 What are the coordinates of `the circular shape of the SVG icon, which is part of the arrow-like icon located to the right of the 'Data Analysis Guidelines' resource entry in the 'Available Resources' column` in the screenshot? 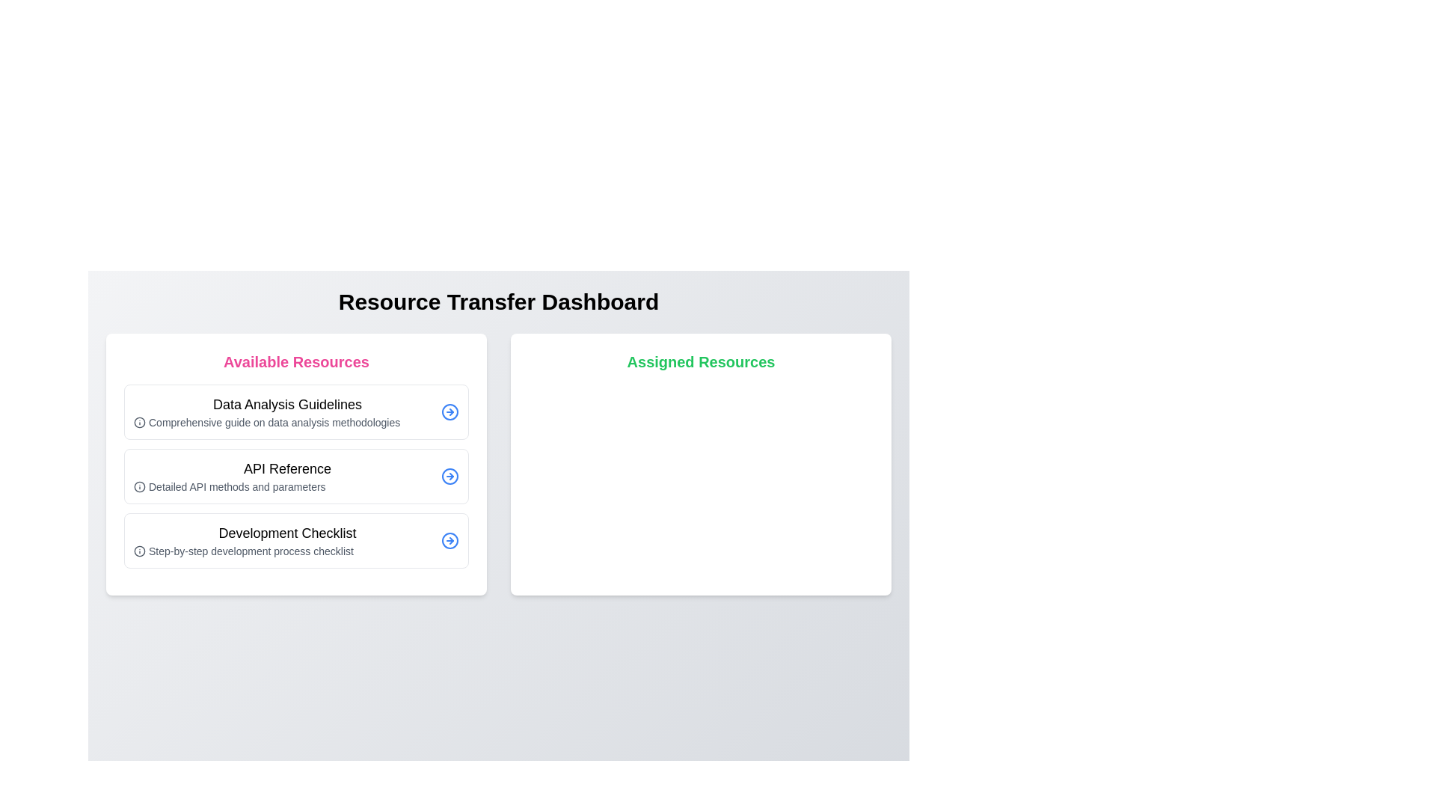 It's located at (449, 412).